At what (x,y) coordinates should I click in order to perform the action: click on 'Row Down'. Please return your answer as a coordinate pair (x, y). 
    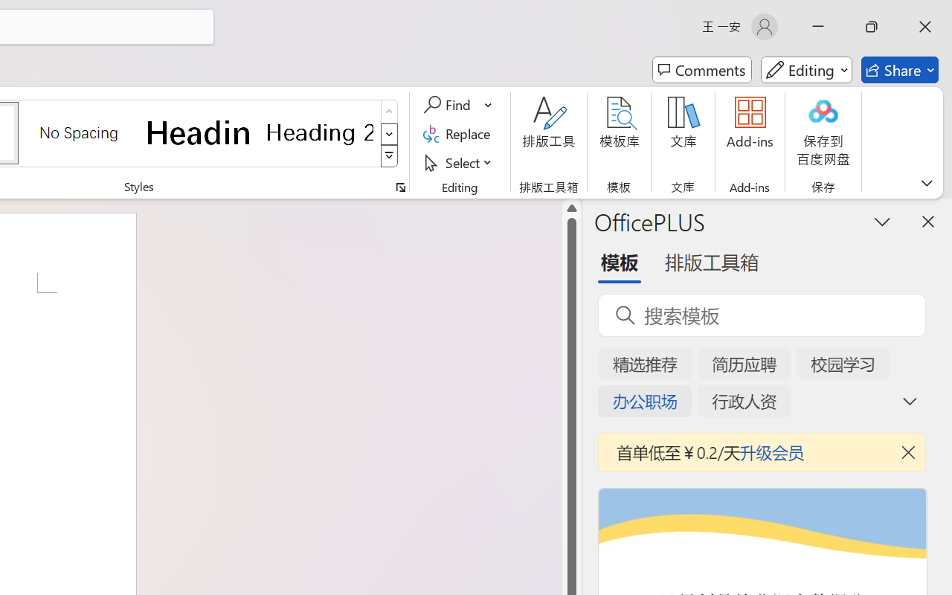
    Looking at the image, I should click on (389, 133).